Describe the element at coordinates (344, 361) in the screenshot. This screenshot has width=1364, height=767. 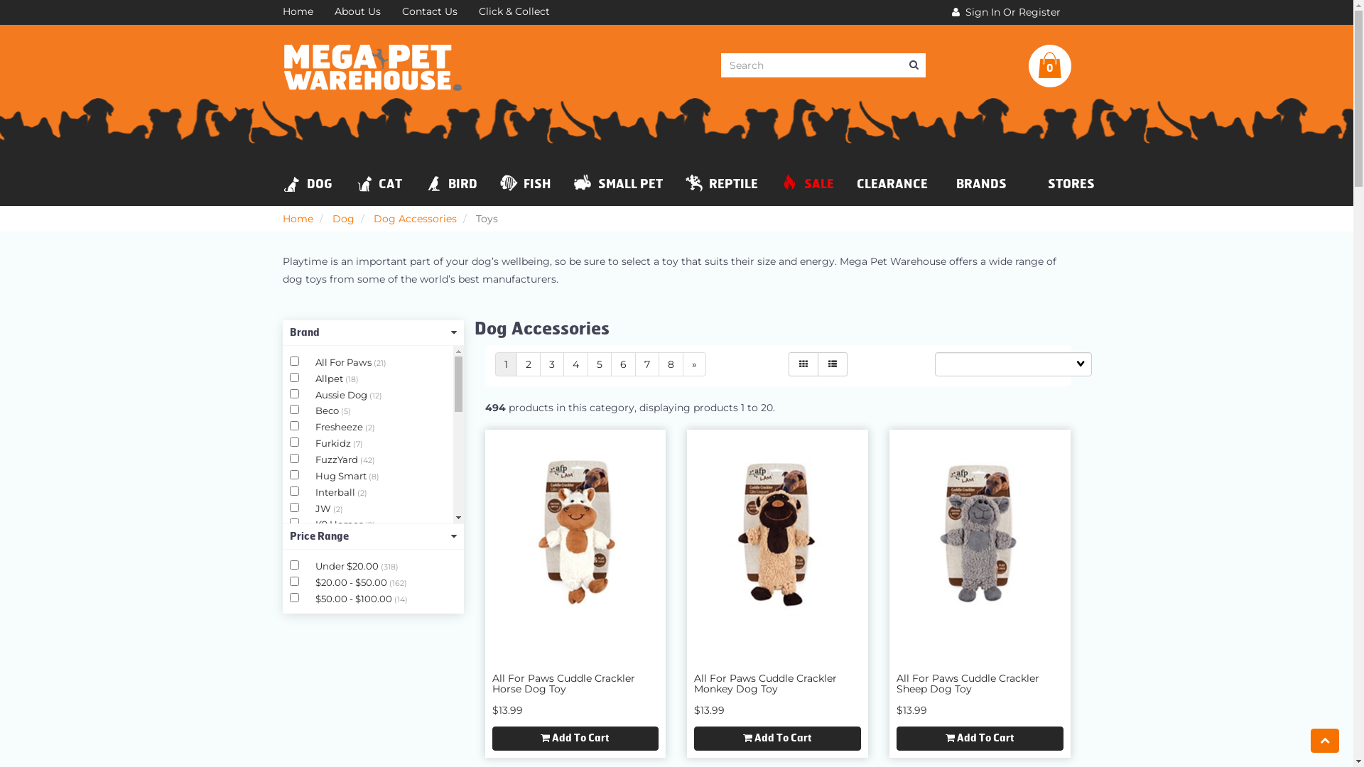
I see `'All For Paws'` at that location.